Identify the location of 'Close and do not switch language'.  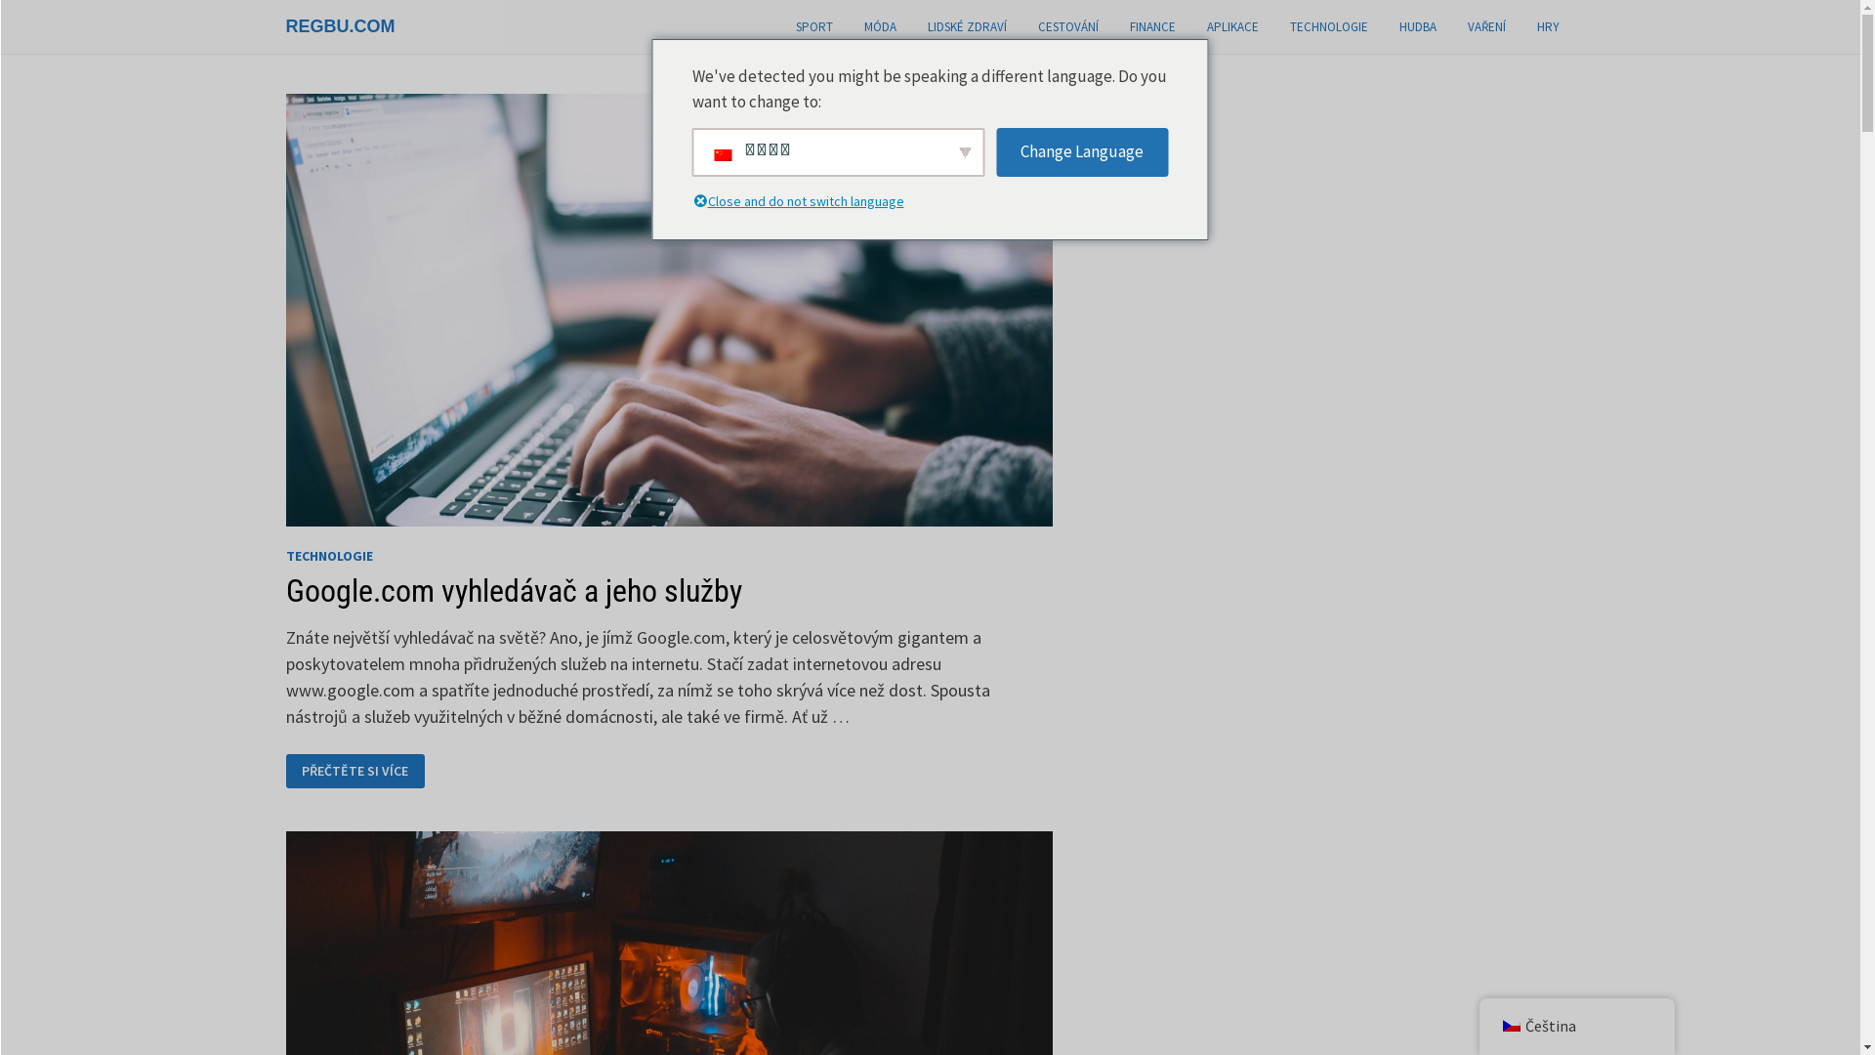
(698, 203).